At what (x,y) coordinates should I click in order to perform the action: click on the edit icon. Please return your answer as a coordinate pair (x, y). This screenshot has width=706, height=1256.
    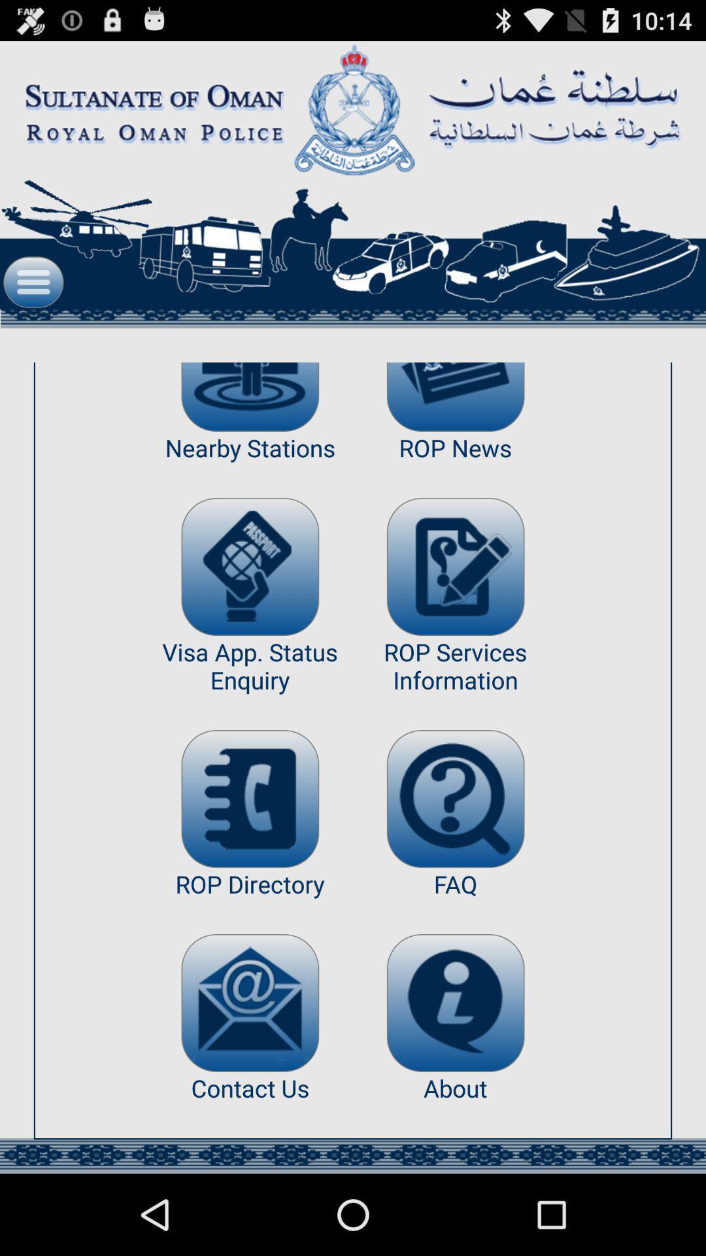
    Looking at the image, I should click on (455, 606).